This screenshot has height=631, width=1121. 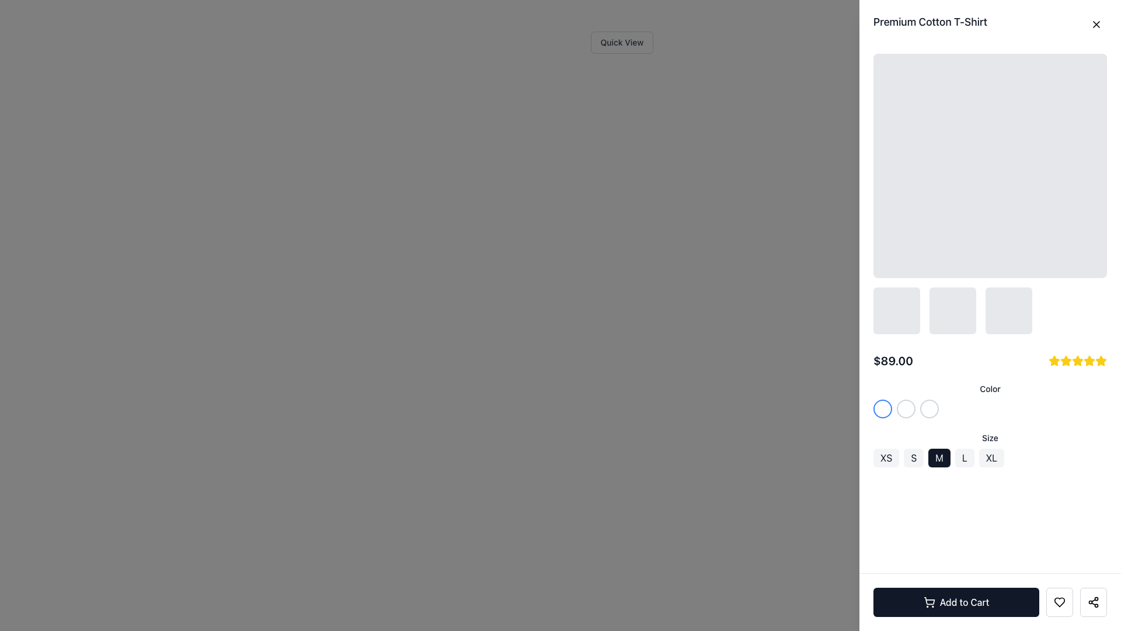 I want to click on the 'favorite' button located at the bottom-right area of the interface to mark the item as favorite, so click(x=1059, y=602).